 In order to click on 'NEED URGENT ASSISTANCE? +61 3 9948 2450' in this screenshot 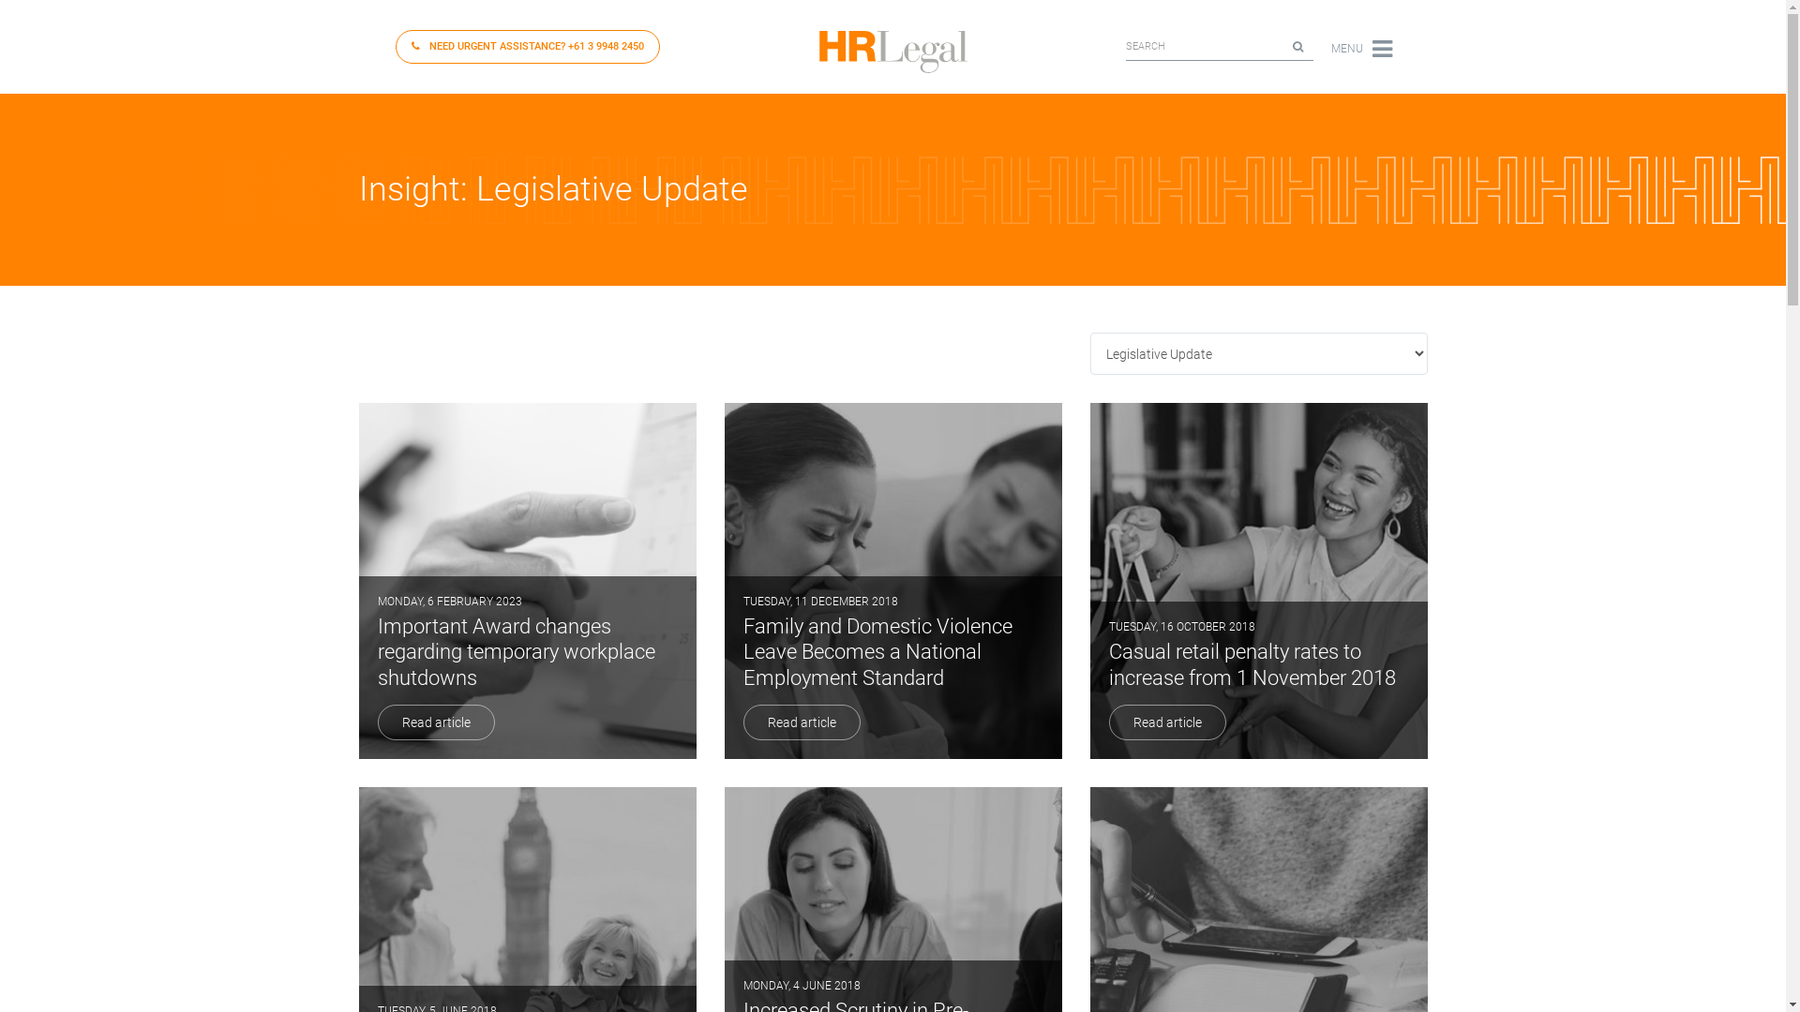, I will do `click(526, 46)`.